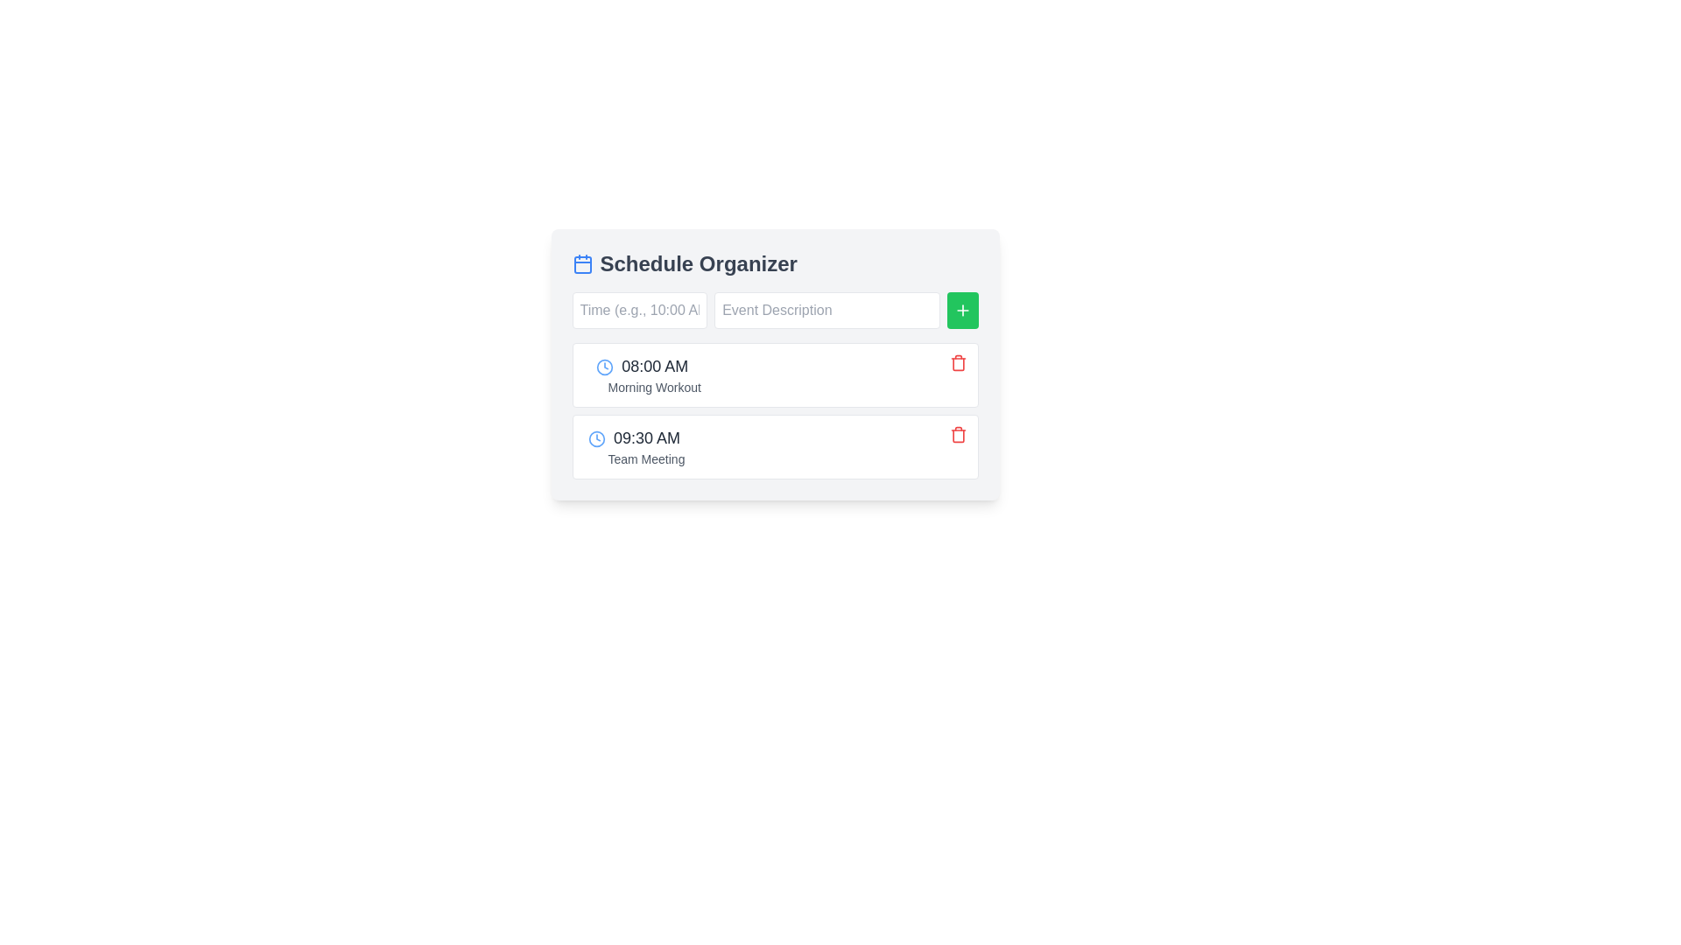 The image size is (1681, 945). Describe the element at coordinates (641, 374) in the screenshot. I see `the Event item labeled '08:00 AM' in the Schedule Organizer` at that location.